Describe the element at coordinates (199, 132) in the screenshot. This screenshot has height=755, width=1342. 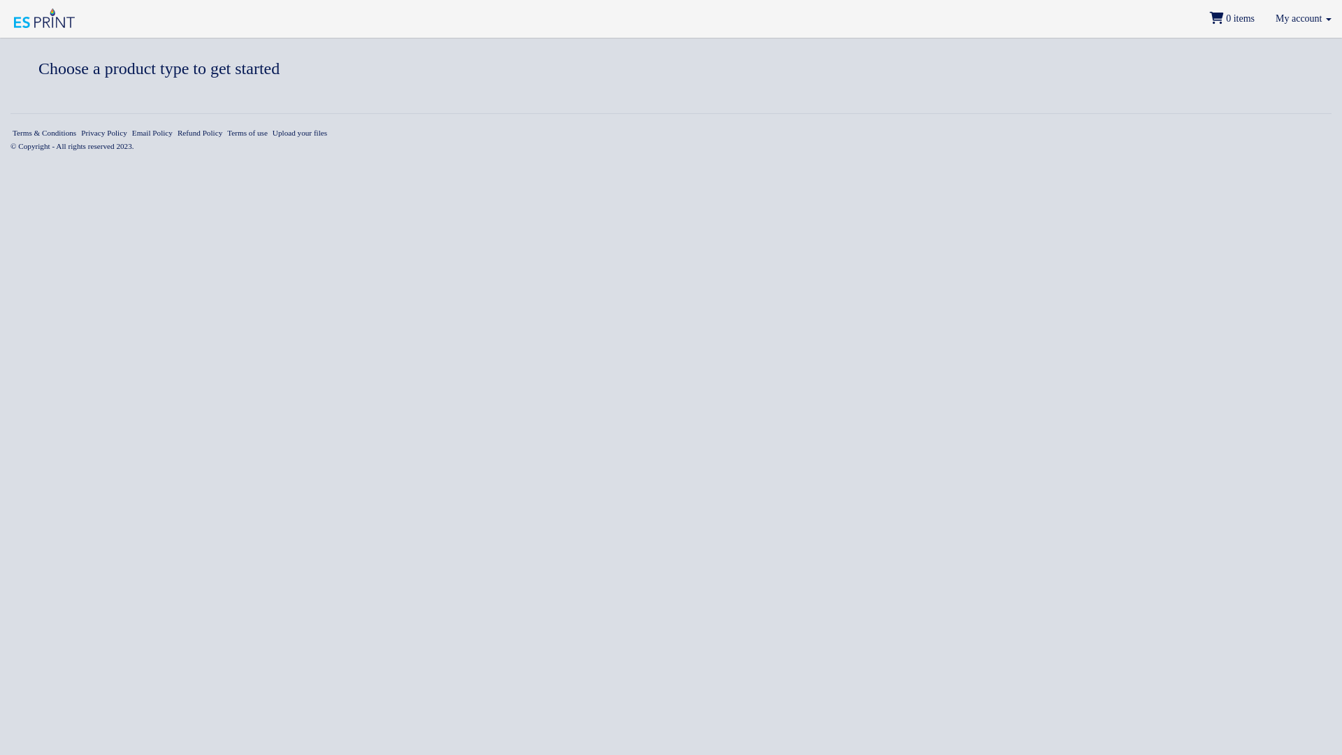
I see `'Refund Policy'` at that location.